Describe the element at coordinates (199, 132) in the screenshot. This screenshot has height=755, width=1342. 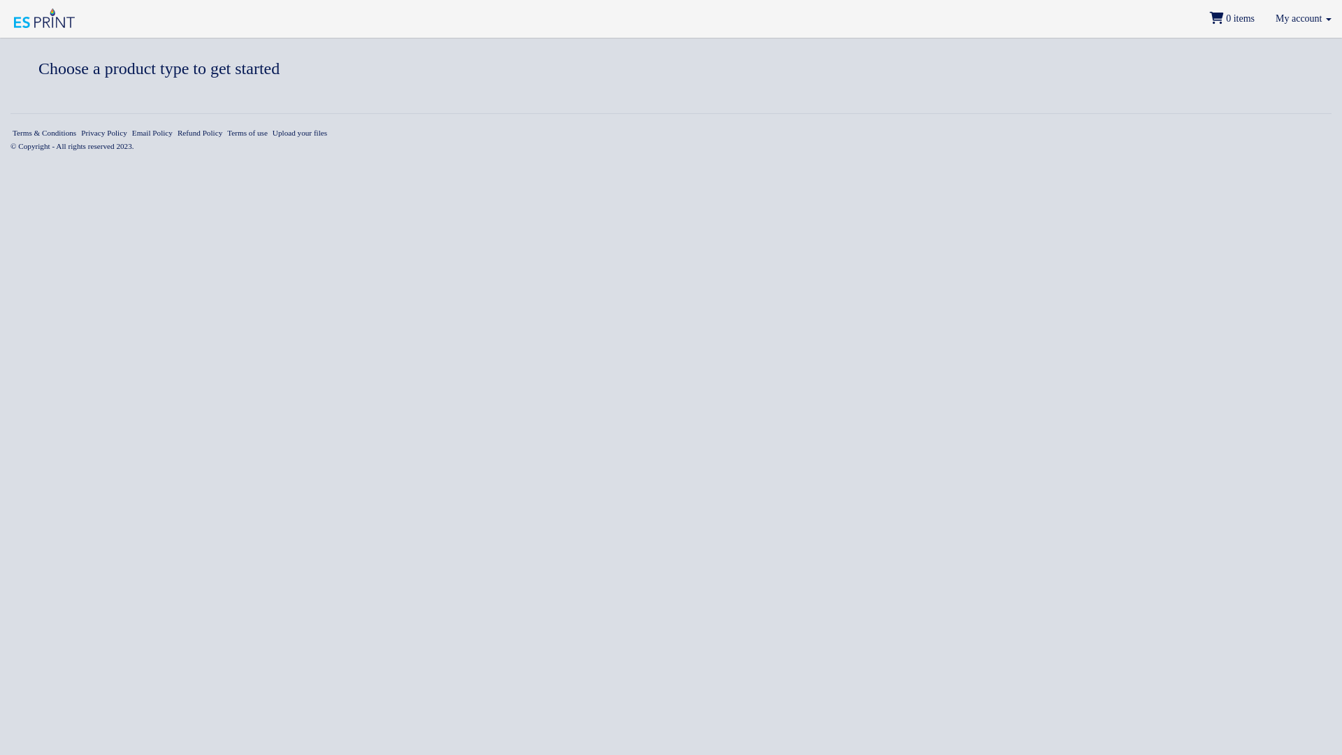
I see `'Refund Policy'` at that location.